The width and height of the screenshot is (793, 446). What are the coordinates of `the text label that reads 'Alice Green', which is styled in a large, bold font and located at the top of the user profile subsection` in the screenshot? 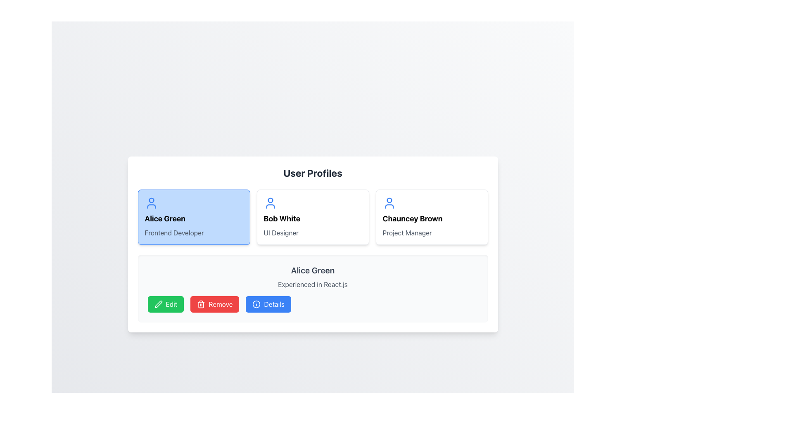 It's located at (312, 270).